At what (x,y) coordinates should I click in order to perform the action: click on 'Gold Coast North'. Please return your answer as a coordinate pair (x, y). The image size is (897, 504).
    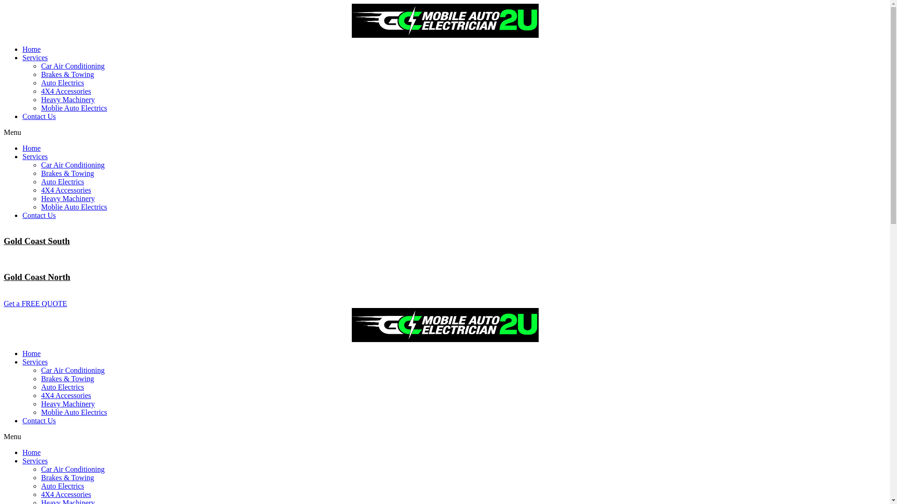
    Looking at the image, I should click on (4, 276).